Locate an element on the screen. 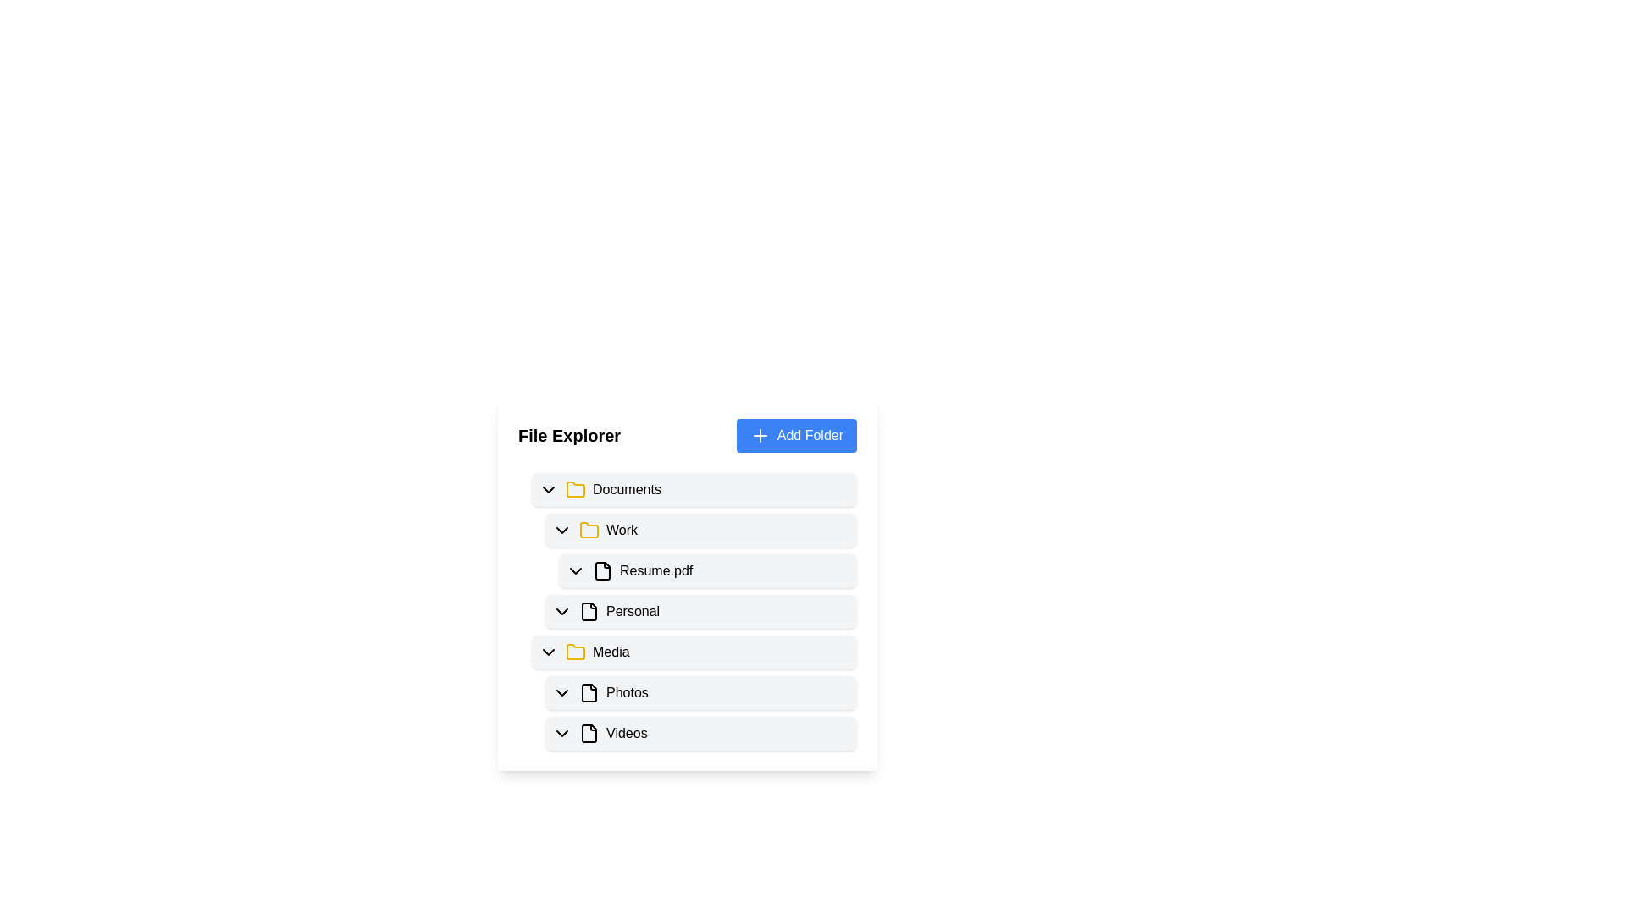  the second list item under the 'Media' group is located at coordinates (694, 689).